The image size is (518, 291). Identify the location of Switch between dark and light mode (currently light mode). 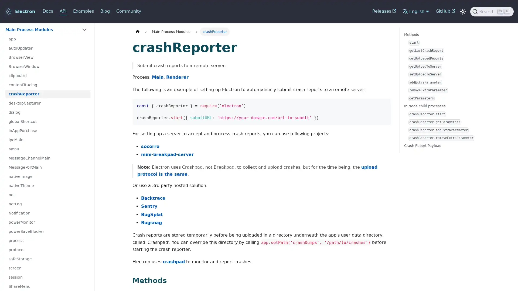
(462, 11).